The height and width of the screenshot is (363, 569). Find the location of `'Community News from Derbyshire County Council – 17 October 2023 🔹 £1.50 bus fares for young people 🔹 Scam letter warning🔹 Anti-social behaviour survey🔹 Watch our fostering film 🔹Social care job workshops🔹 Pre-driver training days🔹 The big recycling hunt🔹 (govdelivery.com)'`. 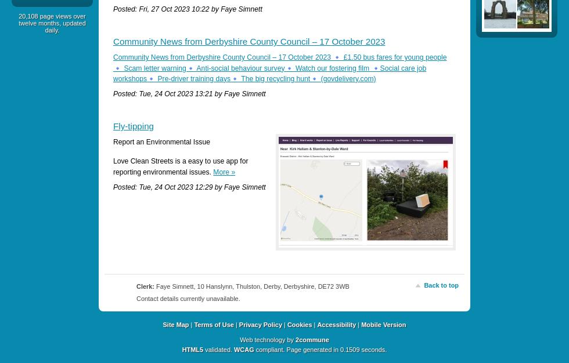

'Community News from Derbyshire County Council – 17 October 2023 🔹 £1.50 bus fares for young people 🔹 Scam letter warning🔹 Anti-social behaviour survey🔹 Watch our fostering film 🔹Social care job workshops🔹 Pre-driver training days🔹 The big recycling hunt🔹 (govdelivery.com)' is located at coordinates (113, 67).